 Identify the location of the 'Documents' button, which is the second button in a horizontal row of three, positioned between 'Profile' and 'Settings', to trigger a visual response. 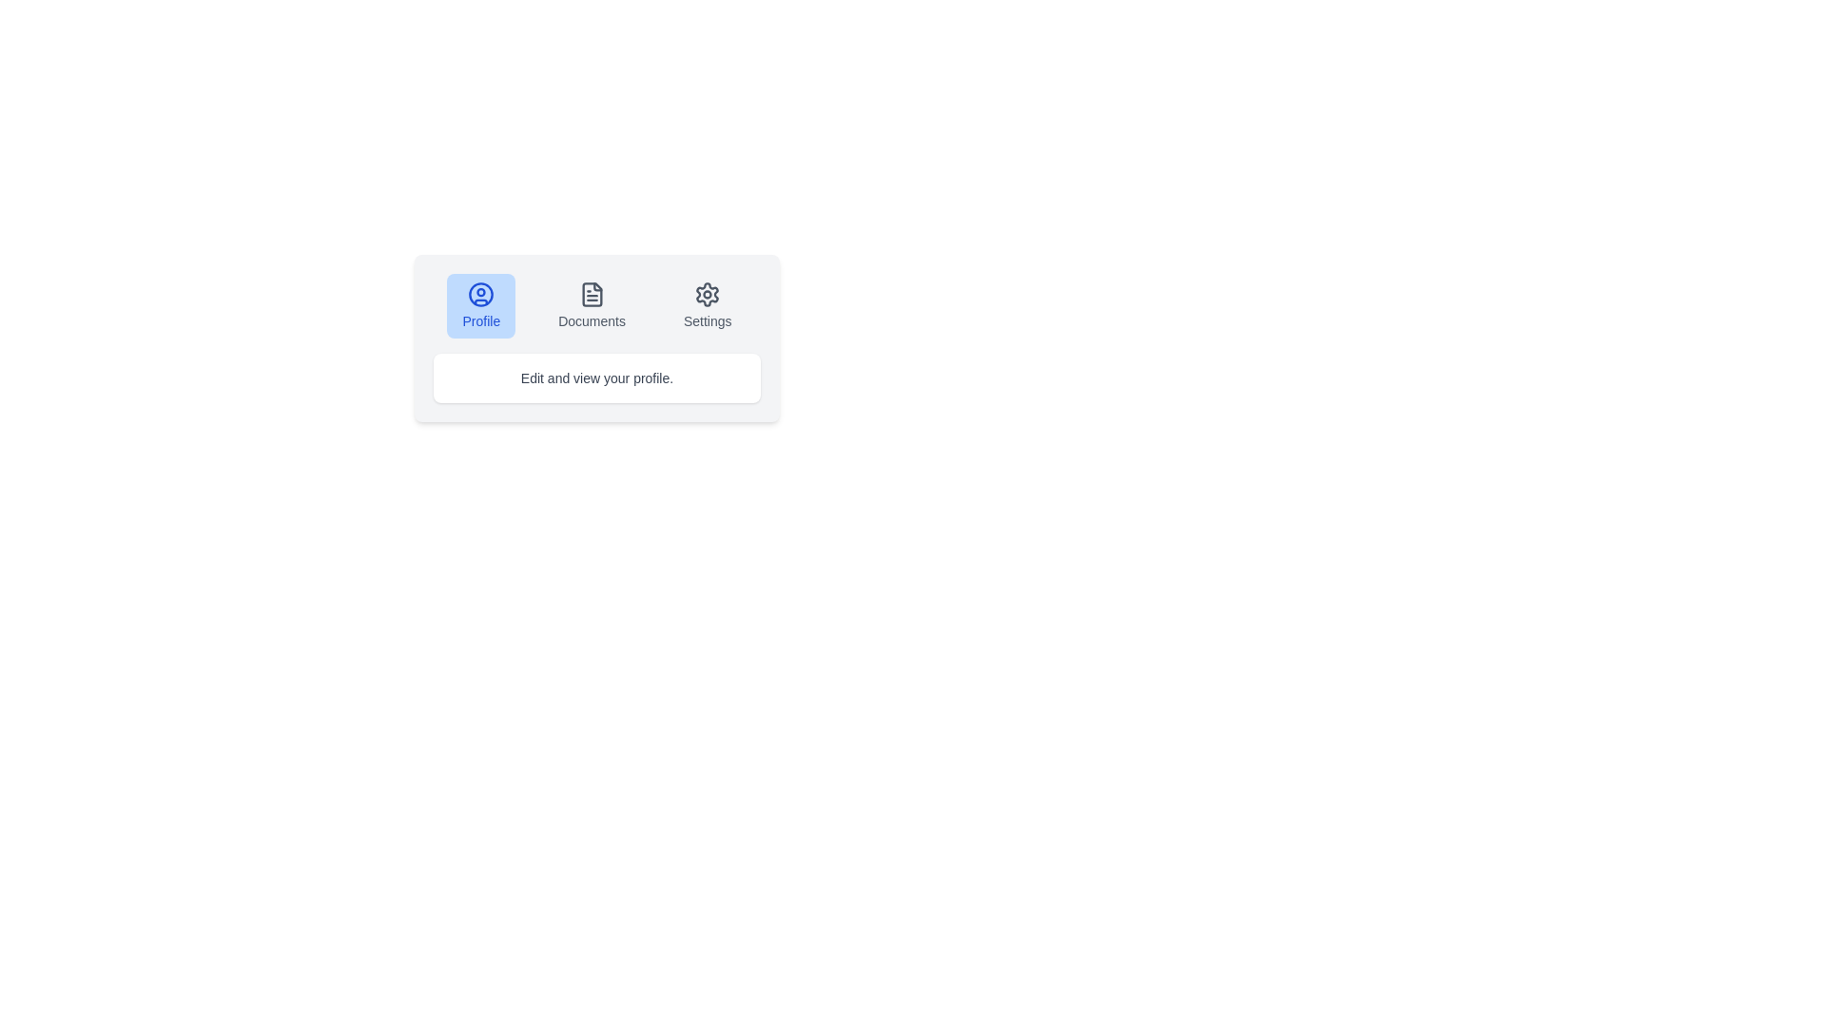
(591, 304).